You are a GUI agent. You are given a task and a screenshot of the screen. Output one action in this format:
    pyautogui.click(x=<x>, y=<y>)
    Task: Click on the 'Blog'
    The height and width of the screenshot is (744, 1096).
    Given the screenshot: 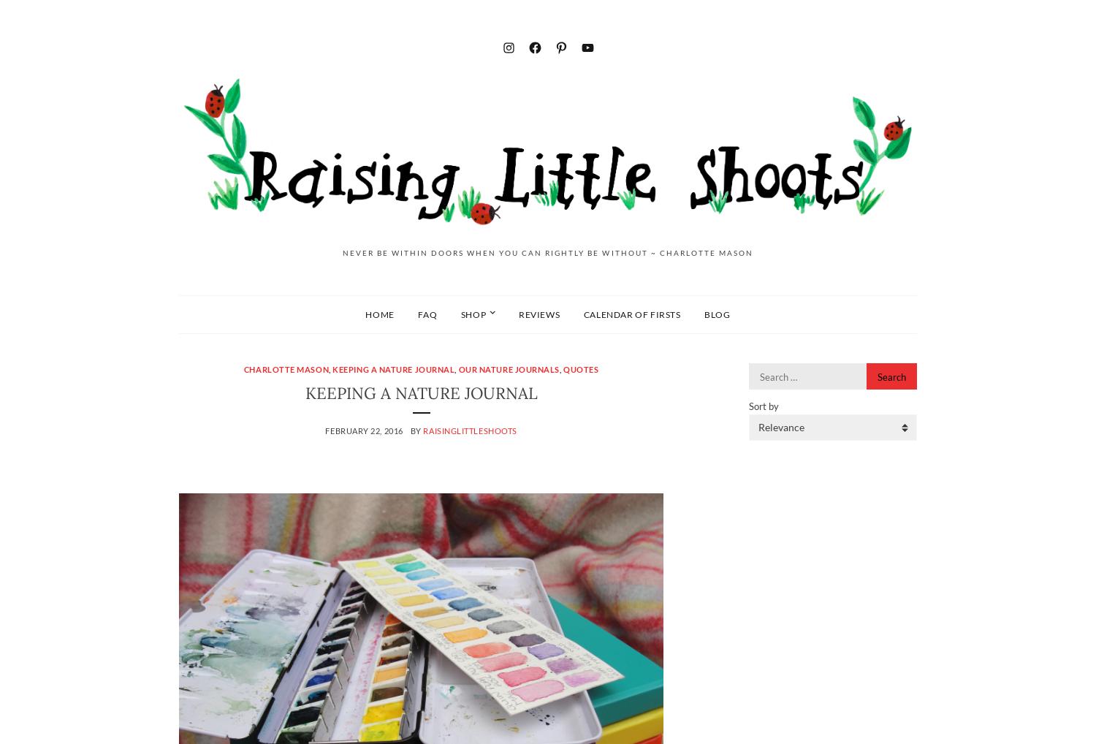 What is the action you would take?
    pyautogui.click(x=704, y=313)
    